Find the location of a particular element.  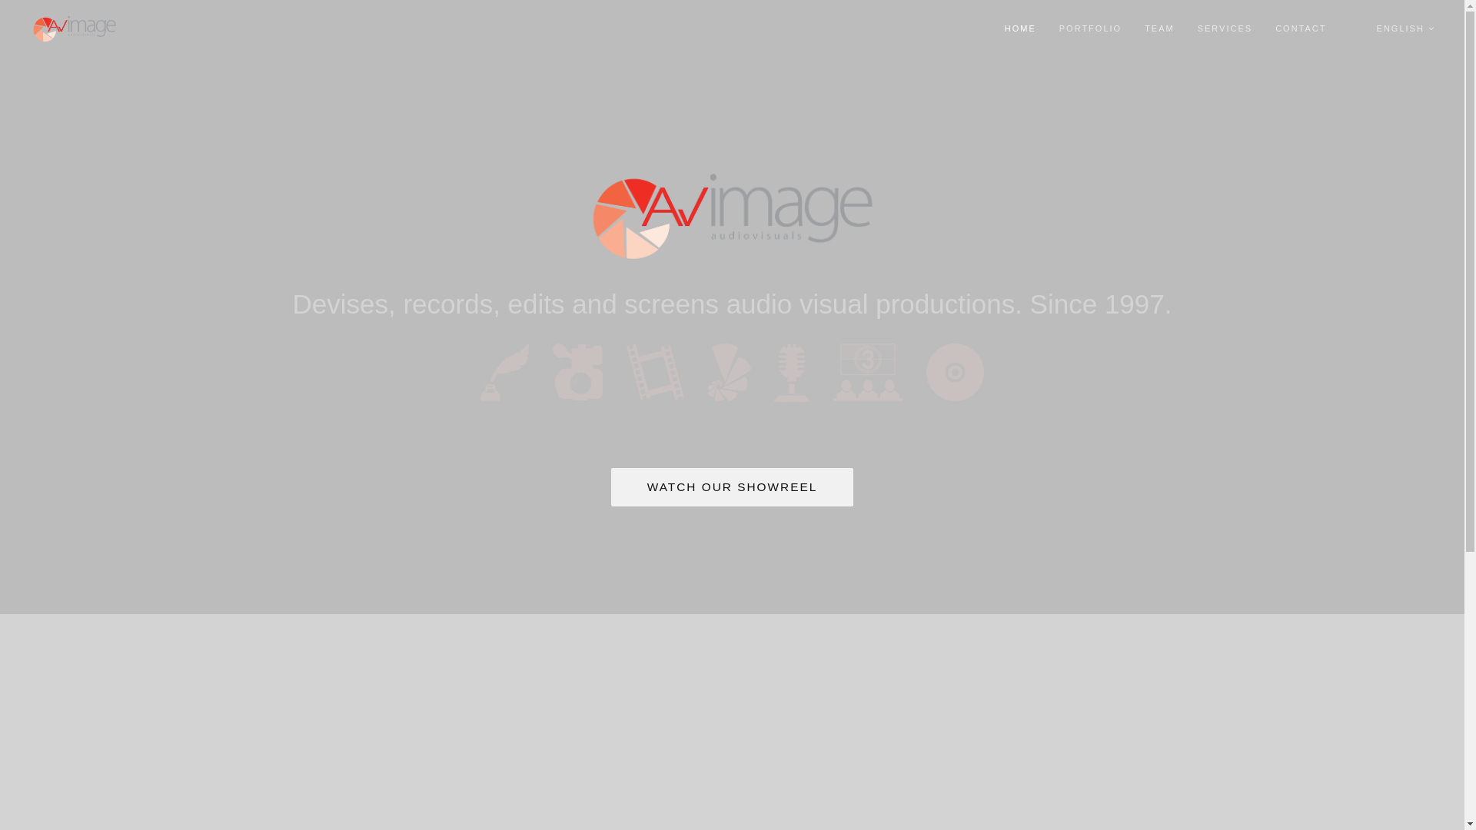

'Grafiek' is located at coordinates (728, 372).